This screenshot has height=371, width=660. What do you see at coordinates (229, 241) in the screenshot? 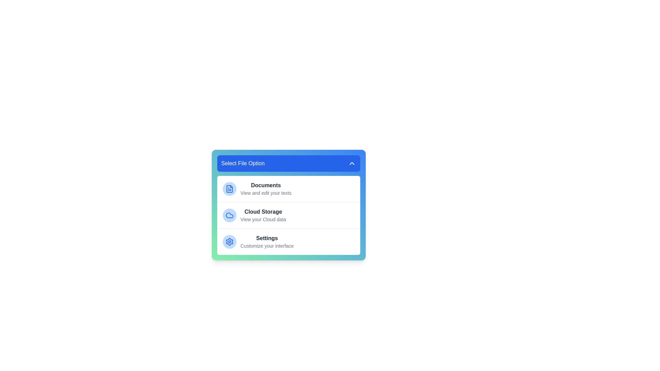
I see `the gear-shaped icon located within the 'Select File Option' dropdown, adjacent to the 'Settings' label` at bounding box center [229, 241].